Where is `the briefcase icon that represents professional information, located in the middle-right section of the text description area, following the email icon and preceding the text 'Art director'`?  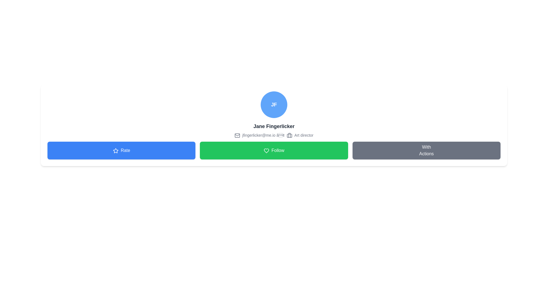 the briefcase icon that represents professional information, located in the middle-right section of the text description area, following the email icon and preceding the text 'Art director' is located at coordinates (289, 136).